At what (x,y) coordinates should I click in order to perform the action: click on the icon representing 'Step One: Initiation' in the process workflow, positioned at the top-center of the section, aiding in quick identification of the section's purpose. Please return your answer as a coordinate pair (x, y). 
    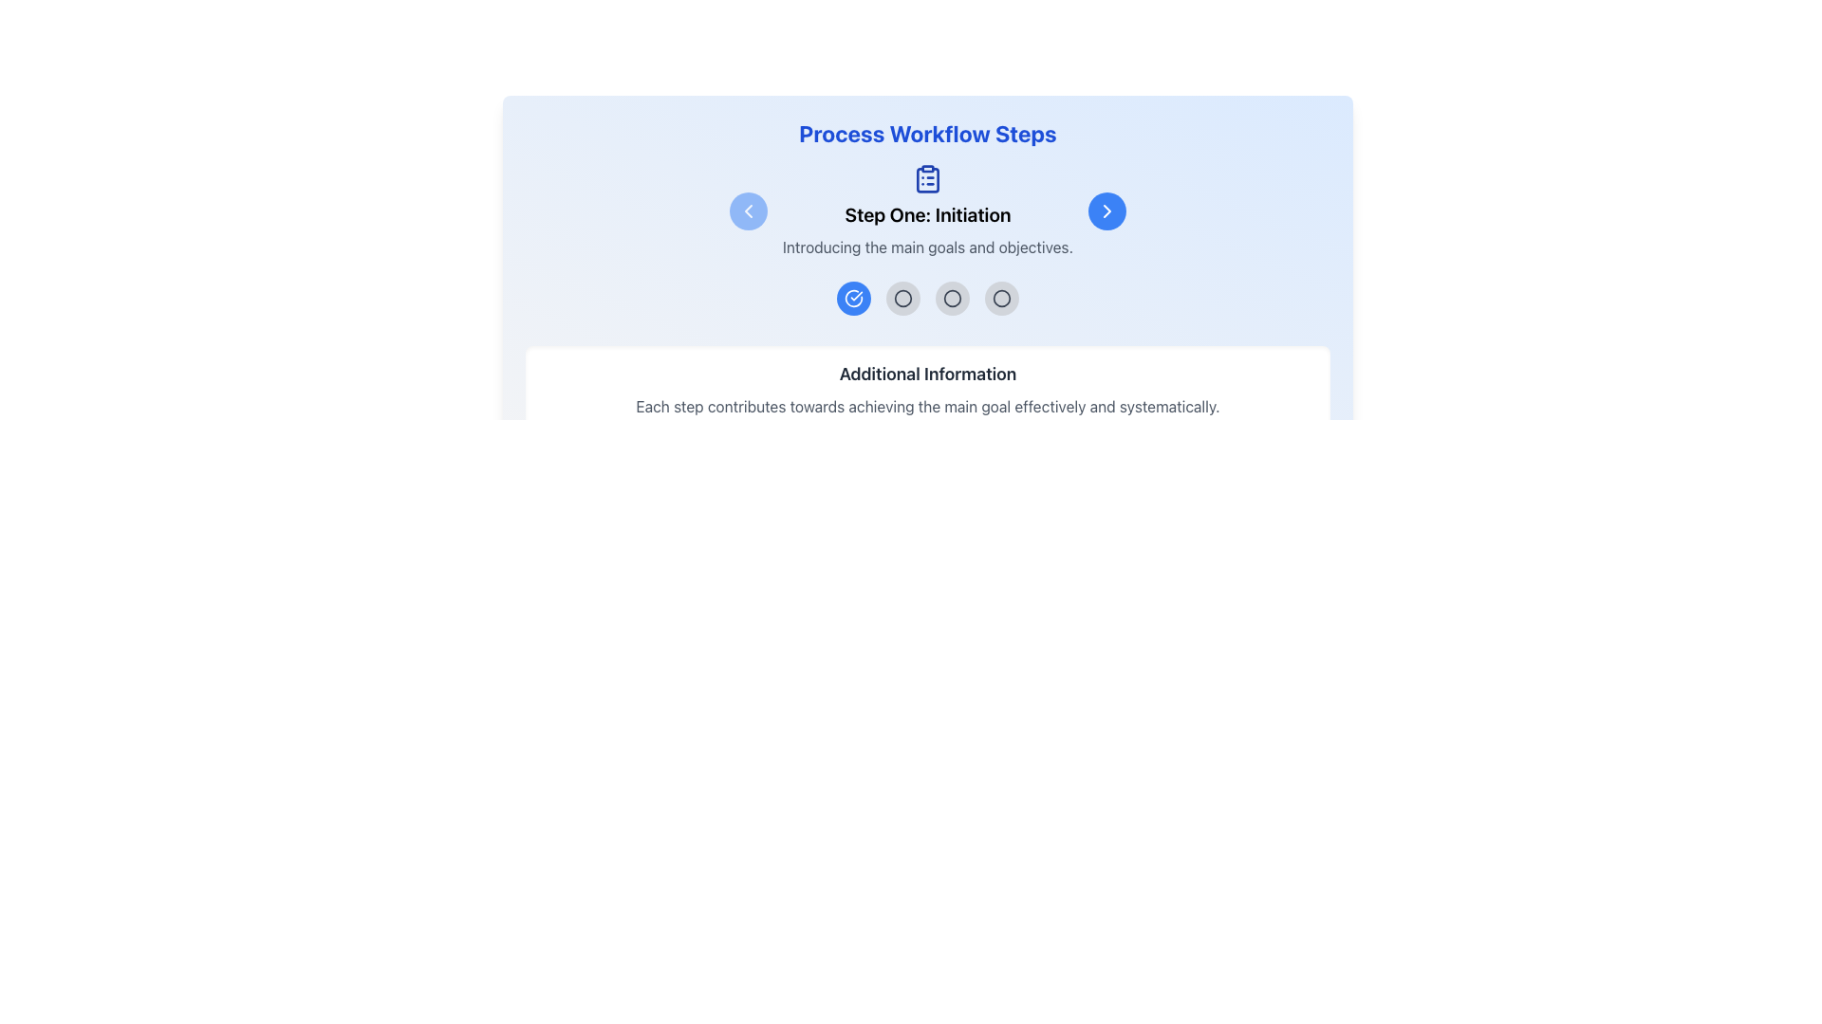
    Looking at the image, I should click on (928, 179).